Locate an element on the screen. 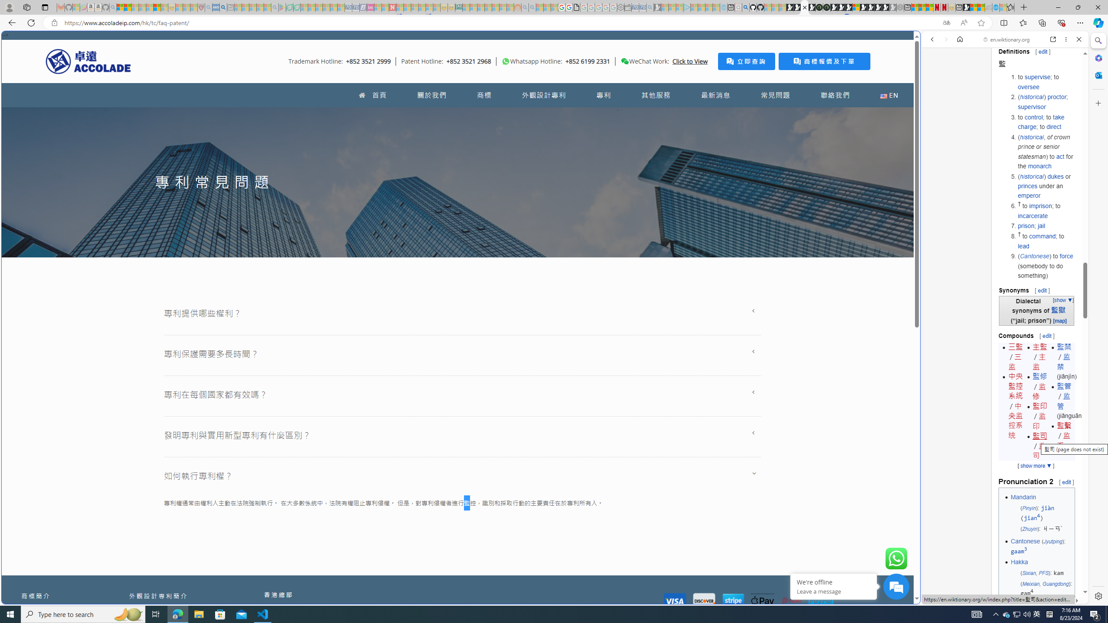 The image size is (1108, 623). 'Restore' is located at coordinates (1078, 7).